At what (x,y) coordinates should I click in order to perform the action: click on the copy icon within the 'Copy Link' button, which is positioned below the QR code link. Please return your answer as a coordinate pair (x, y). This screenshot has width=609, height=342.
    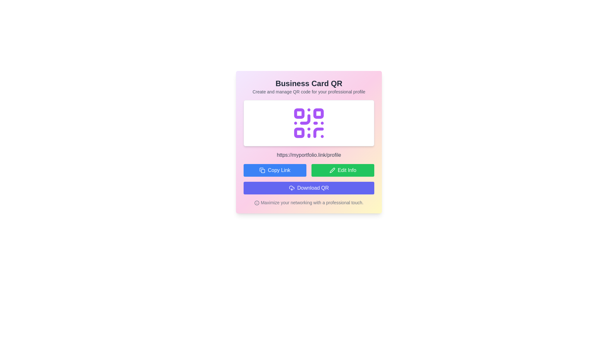
    Looking at the image, I should click on (262, 170).